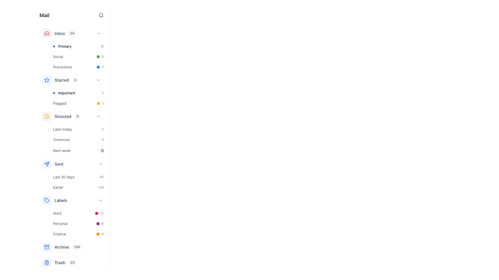  I want to click on the gray chevron icon on the right side of the 'Starred' menu item, so click(72, 80).